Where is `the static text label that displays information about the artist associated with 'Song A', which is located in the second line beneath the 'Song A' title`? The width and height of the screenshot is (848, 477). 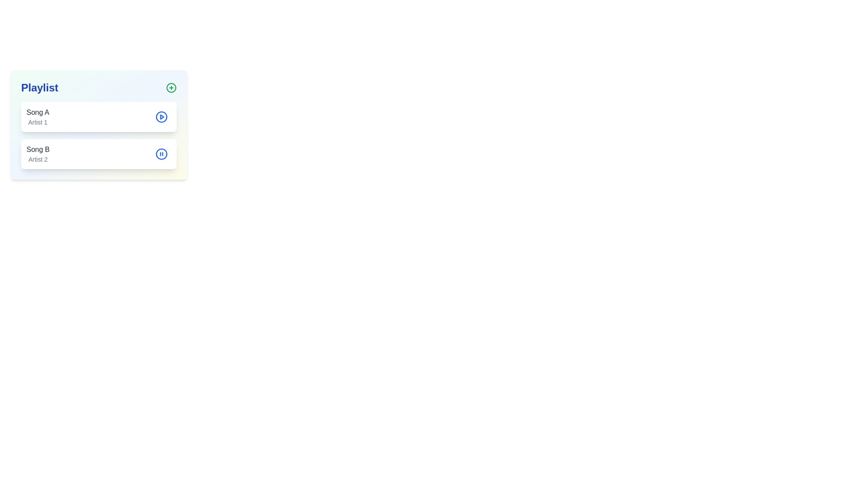 the static text label that displays information about the artist associated with 'Song A', which is located in the second line beneath the 'Song A' title is located at coordinates (37, 122).